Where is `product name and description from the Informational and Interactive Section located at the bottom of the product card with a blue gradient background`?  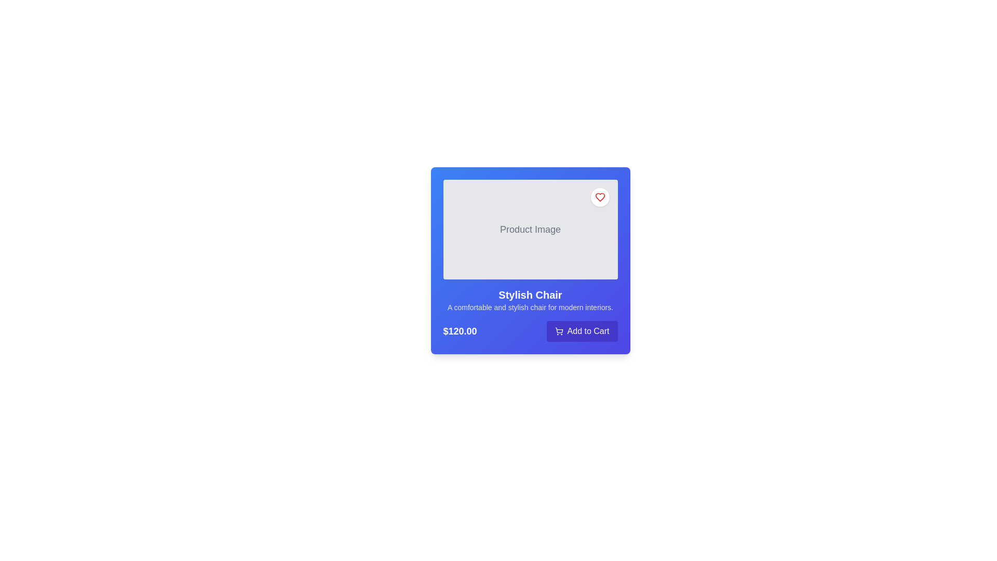
product name and description from the Informational and Interactive Section located at the bottom of the product card with a blue gradient background is located at coordinates (530, 314).